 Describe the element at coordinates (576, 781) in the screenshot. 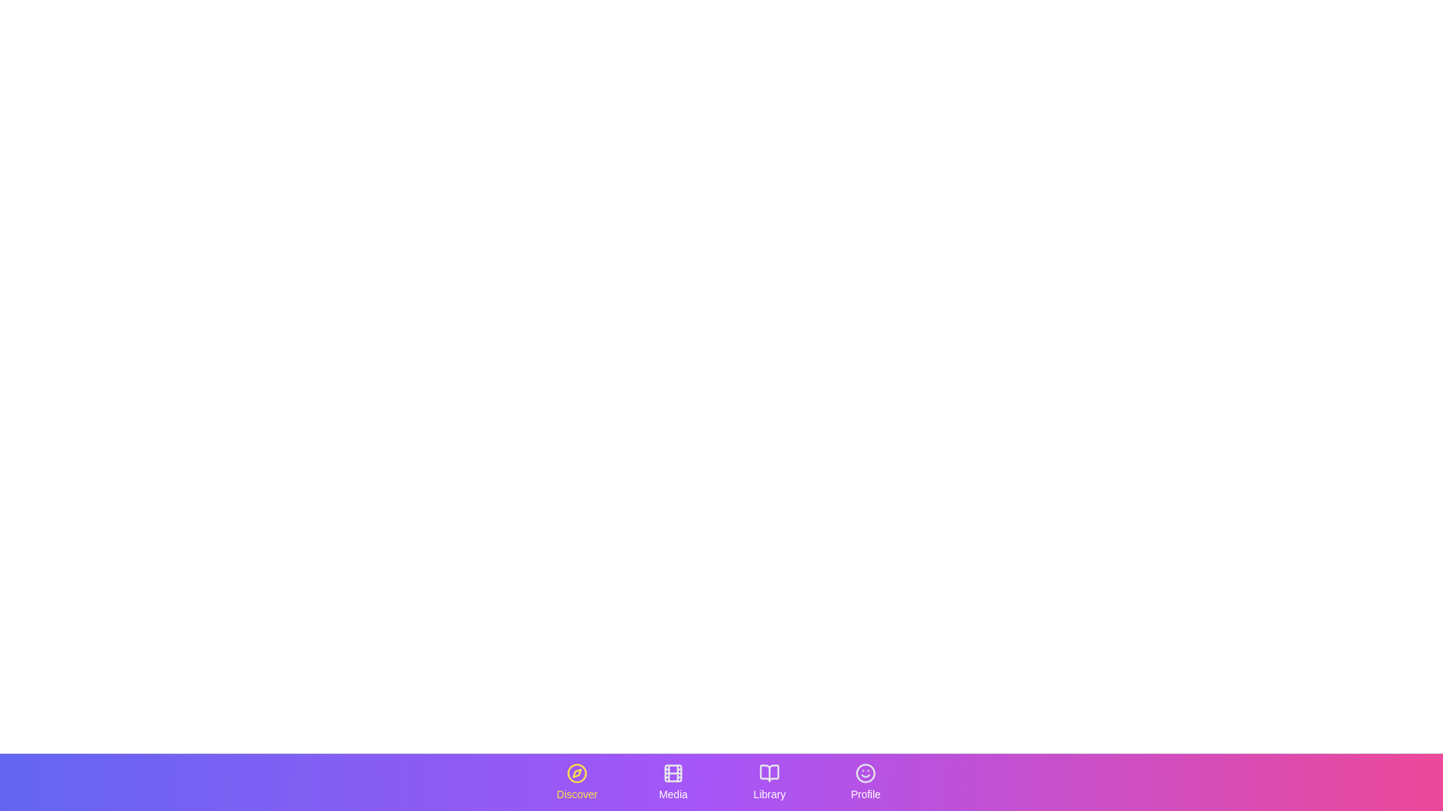

I see `the tab labeled Discover to observe the hover animation effect` at that location.